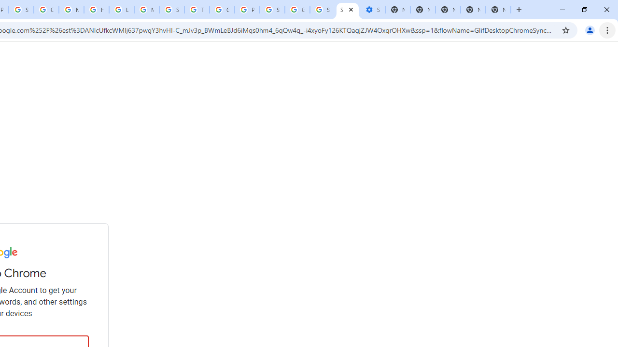 This screenshot has width=618, height=347. Describe the element at coordinates (196, 10) in the screenshot. I see `'Trusted Information and Content - Google Safety Center'` at that location.